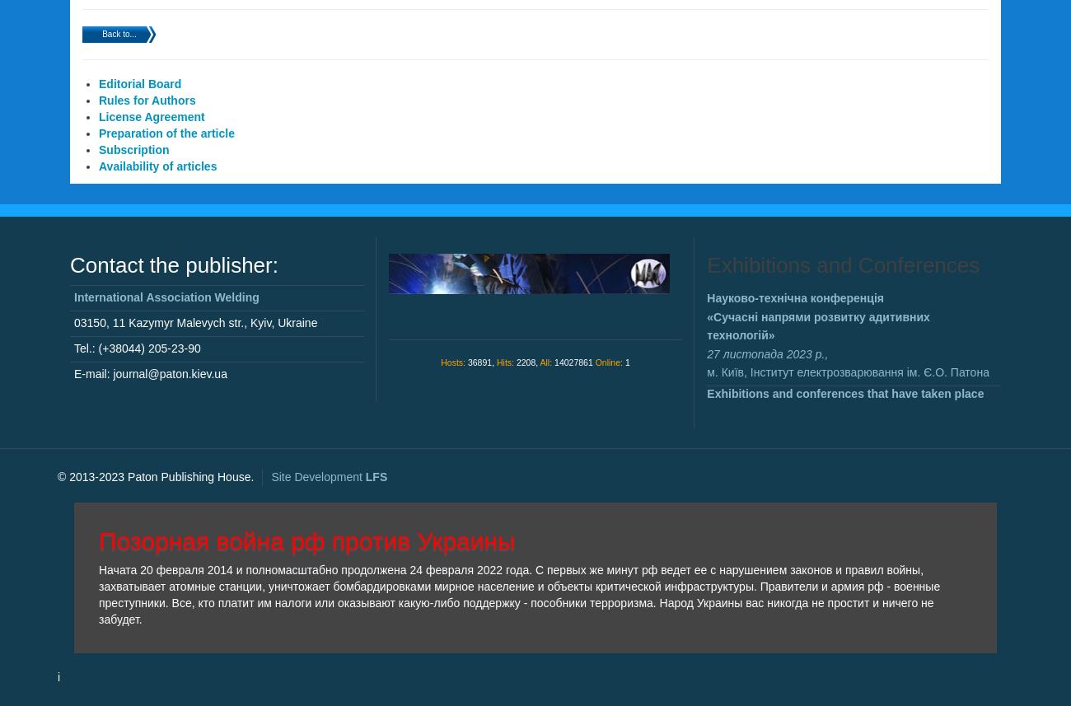 The image size is (1071, 706). What do you see at coordinates (842, 264) in the screenshot?
I see `'Exhibitions and Conferences'` at bounding box center [842, 264].